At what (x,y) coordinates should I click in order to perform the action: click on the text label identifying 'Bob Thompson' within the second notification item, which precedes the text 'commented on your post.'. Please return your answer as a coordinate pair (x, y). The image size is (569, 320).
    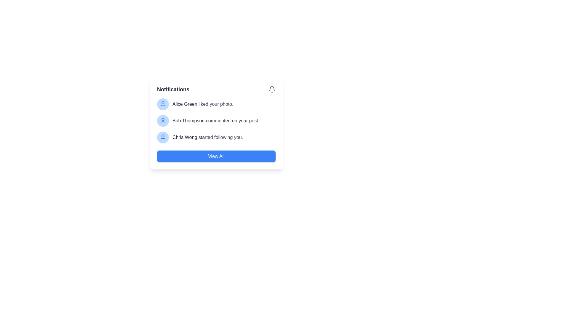
    Looking at the image, I should click on (188, 120).